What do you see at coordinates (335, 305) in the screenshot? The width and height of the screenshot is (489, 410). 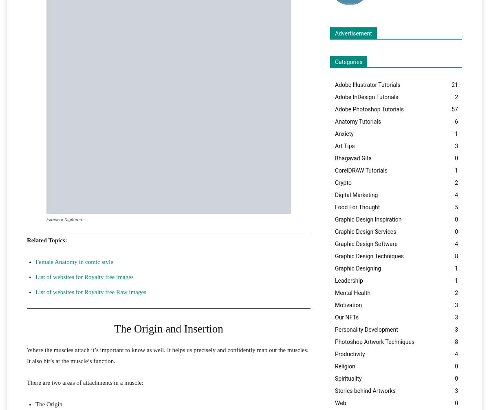 I see `'Motivation'` at bounding box center [335, 305].